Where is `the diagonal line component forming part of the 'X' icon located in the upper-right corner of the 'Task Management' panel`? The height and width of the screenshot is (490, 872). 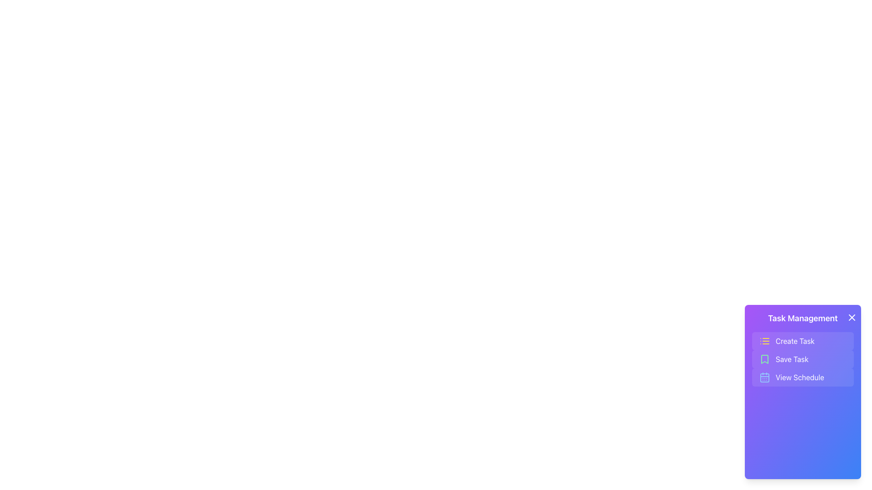 the diagonal line component forming part of the 'X' icon located in the upper-right corner of the 'Task Management' panel is located at coordinates (852, 317).